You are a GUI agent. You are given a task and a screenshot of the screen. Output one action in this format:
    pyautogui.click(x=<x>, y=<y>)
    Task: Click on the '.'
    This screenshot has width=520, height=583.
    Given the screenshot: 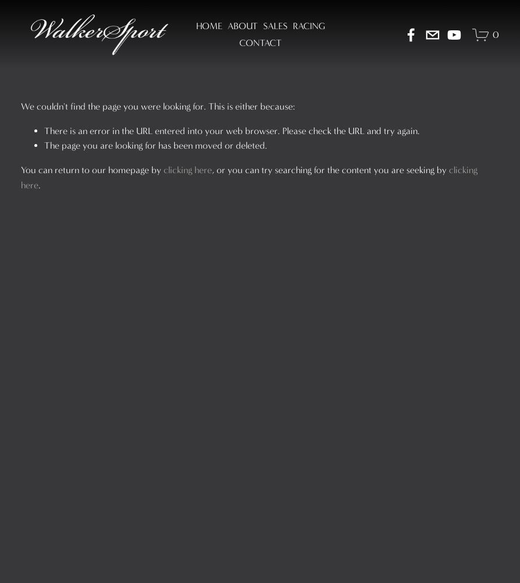 What is the action you would take?
    pyautogui.click(x=38, y=184)
    